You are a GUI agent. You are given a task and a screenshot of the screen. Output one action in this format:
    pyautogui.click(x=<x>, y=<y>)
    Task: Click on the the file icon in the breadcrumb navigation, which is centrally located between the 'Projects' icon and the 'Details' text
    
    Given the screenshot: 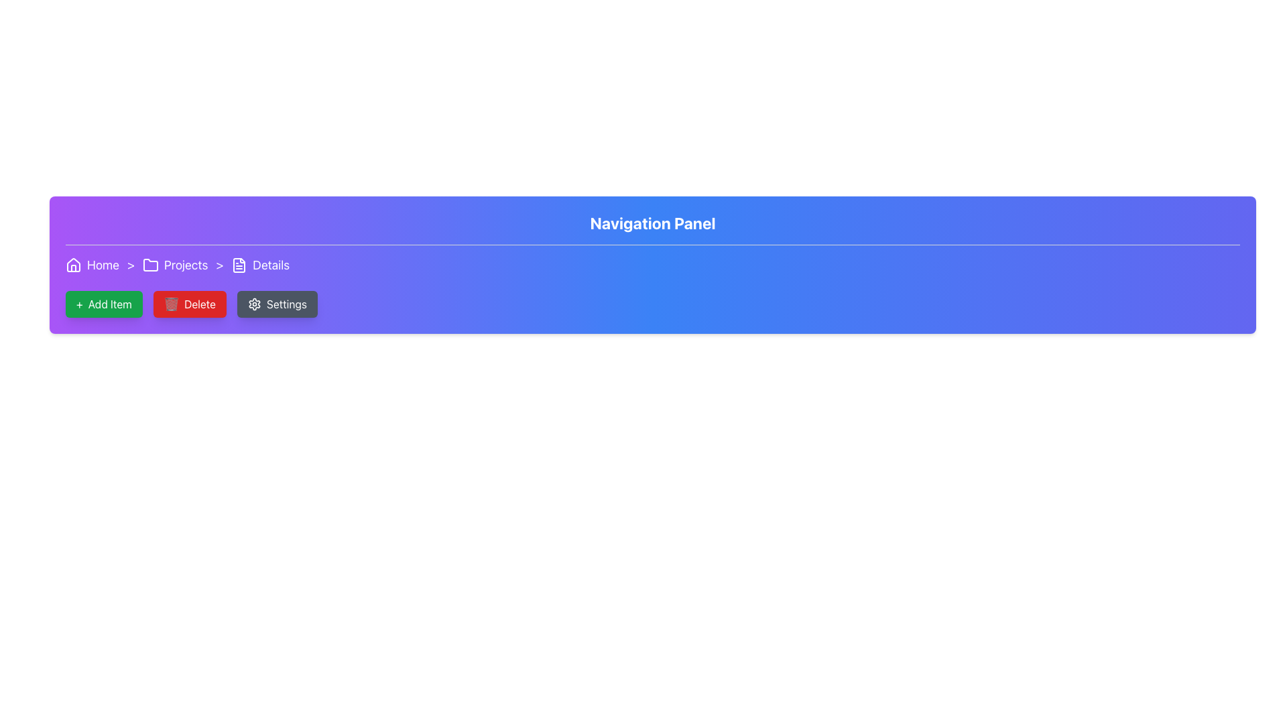 What is the action you would take?
    pyautogui.click(x=239, y=265)
    